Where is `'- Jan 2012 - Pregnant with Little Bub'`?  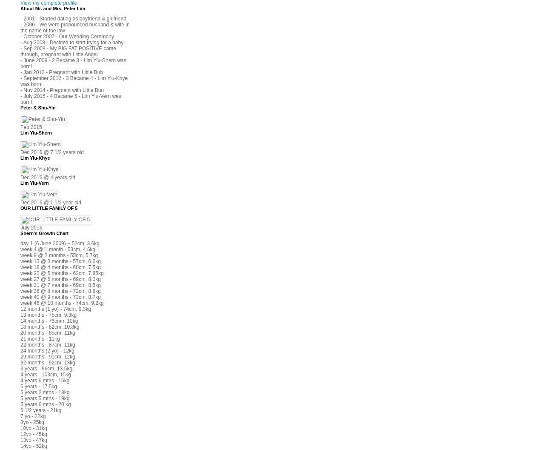
'- Jan 2012 - Pregnant with Little Bub' is located at coordinates (62, 72).